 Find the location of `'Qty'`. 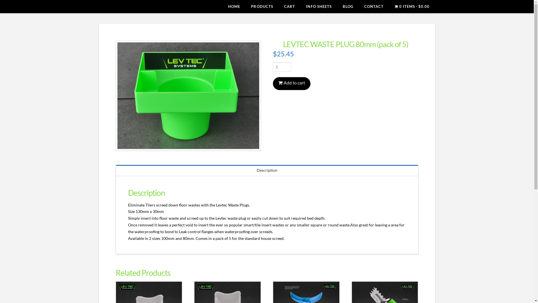

'Qty' is located at coordinates (282, 67).